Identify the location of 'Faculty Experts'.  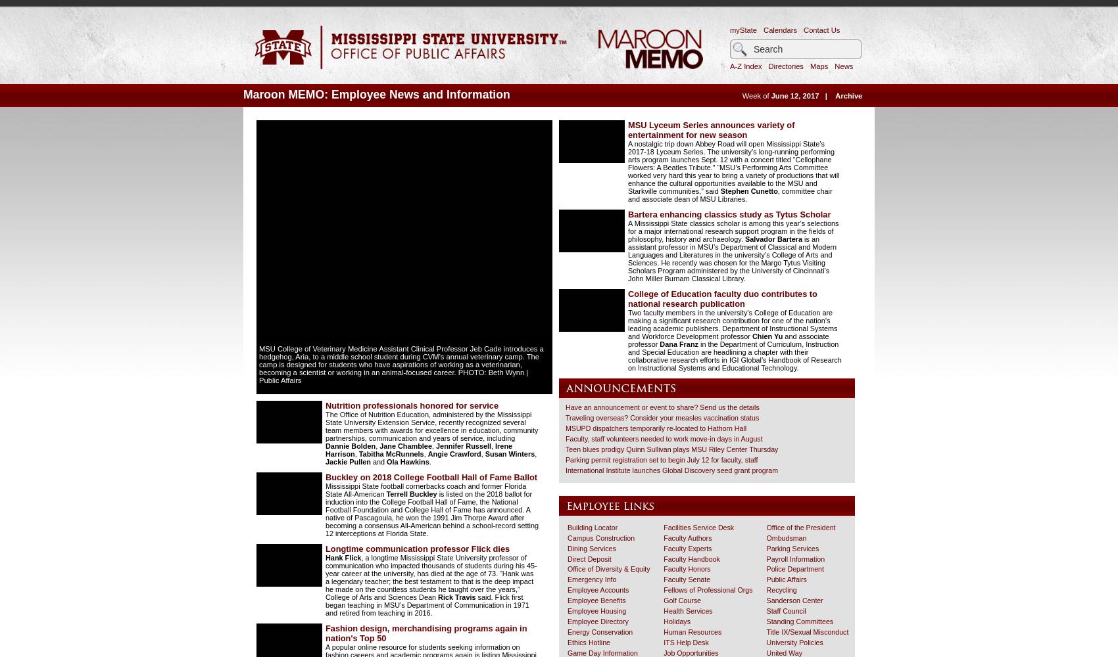
(687, 547).